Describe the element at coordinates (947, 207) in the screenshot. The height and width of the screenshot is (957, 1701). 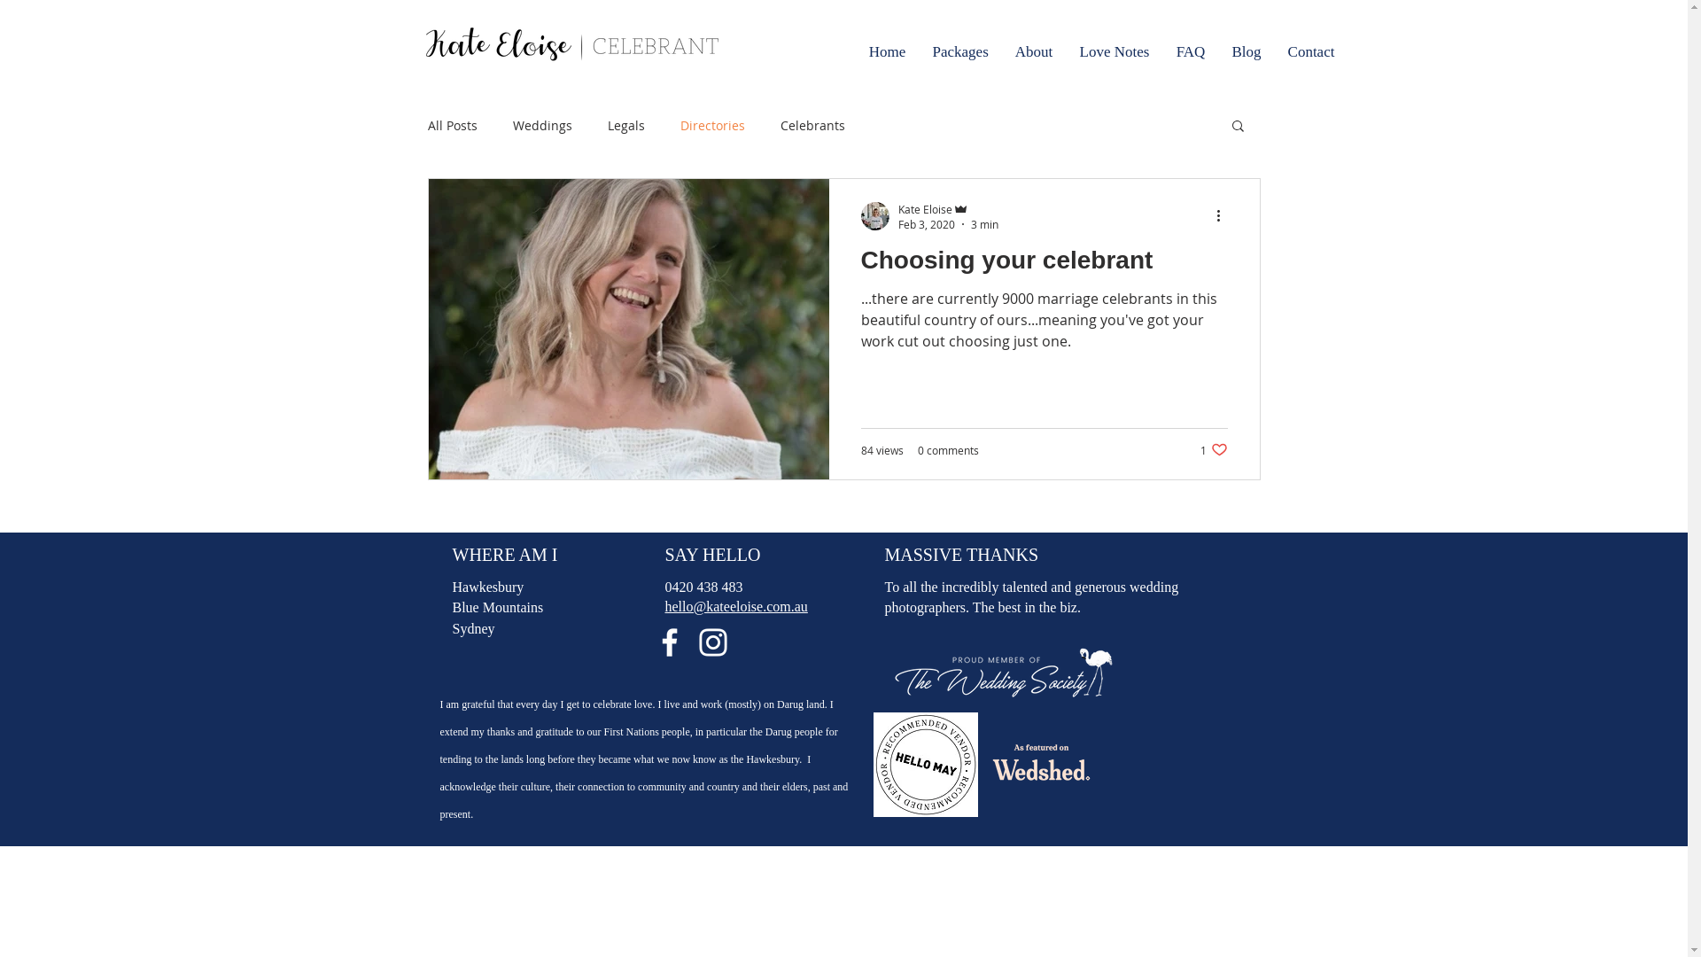
I see `'Kate Eloise'` at that location.